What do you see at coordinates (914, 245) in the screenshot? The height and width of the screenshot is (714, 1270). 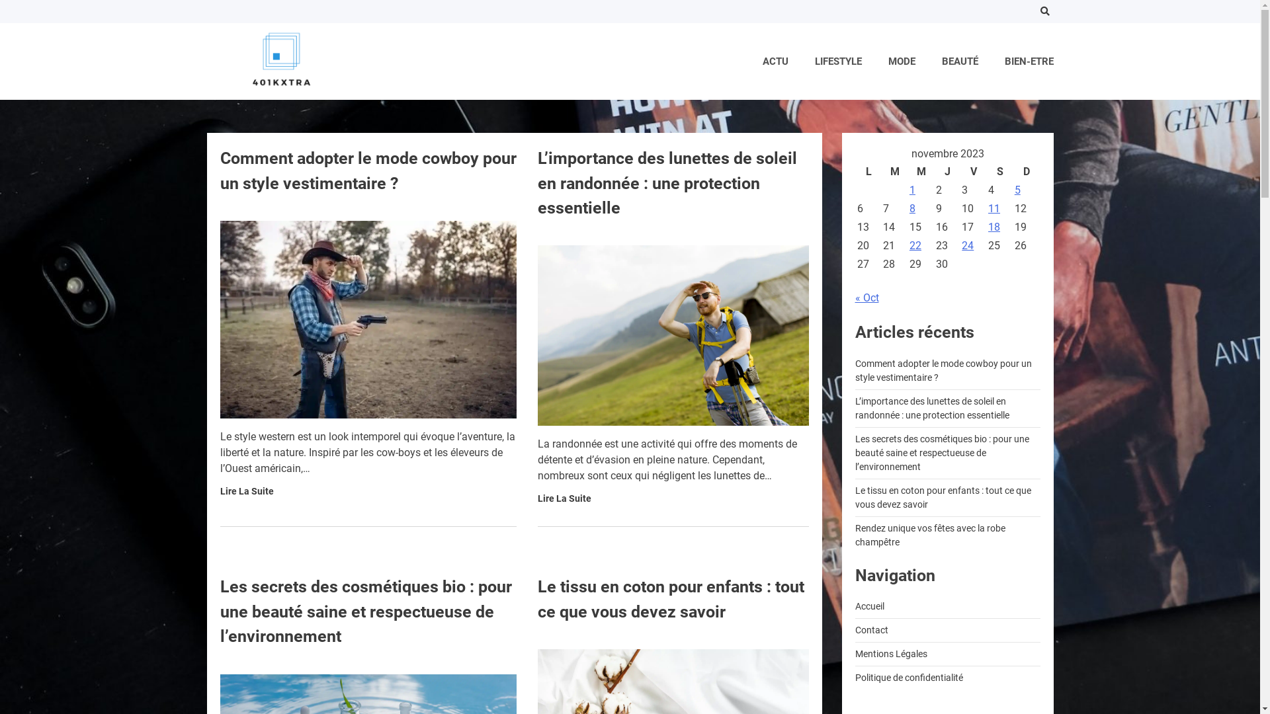 I see `'22'` at bounding box center [914, 245].